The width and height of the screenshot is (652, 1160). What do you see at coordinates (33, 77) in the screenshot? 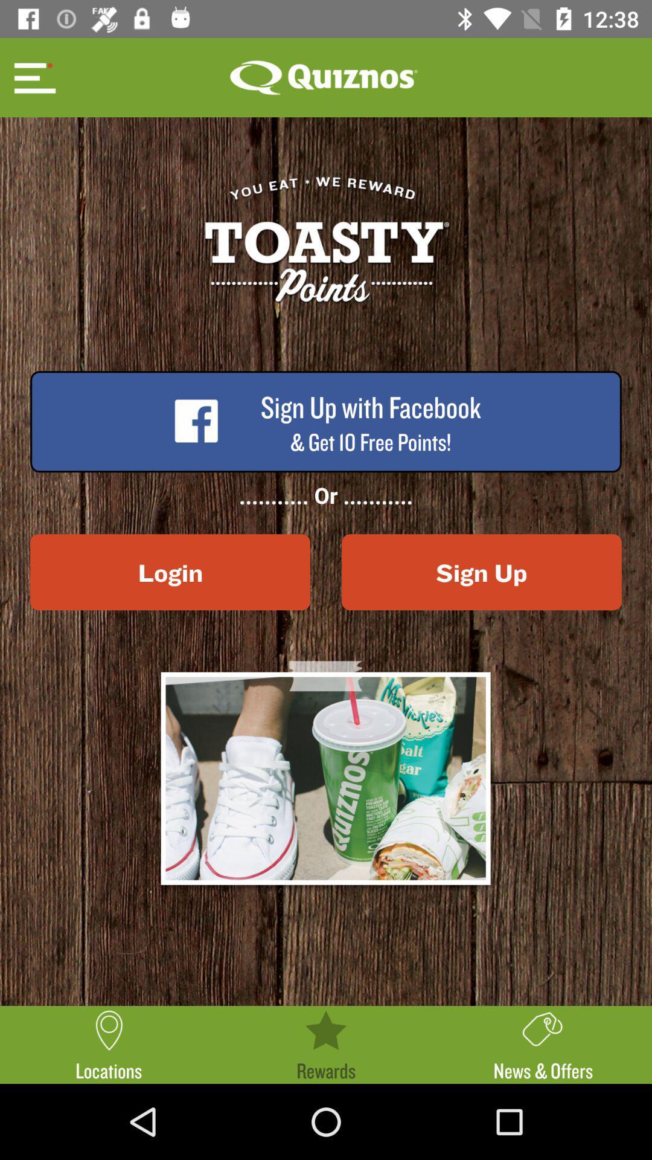
I see `item at the top left corner` at bounding box center [33, 77].